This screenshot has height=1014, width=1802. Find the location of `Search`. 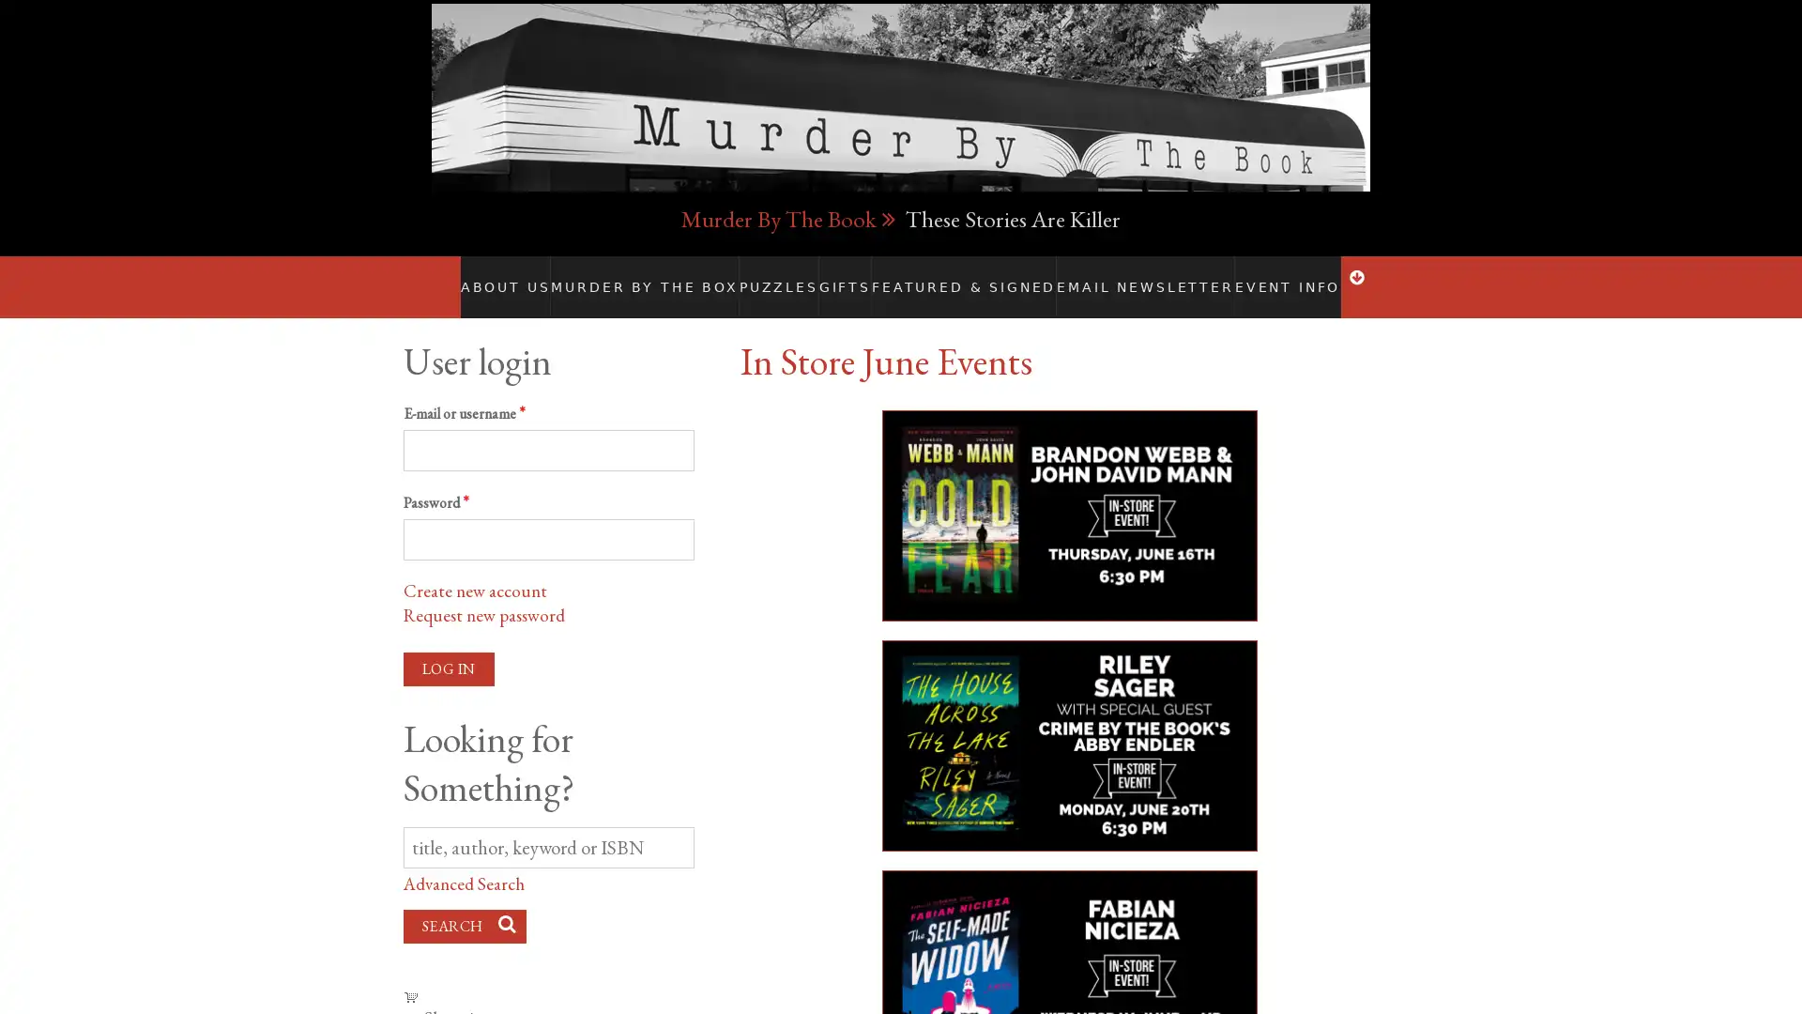

Search is located at coordinates (464, 951).